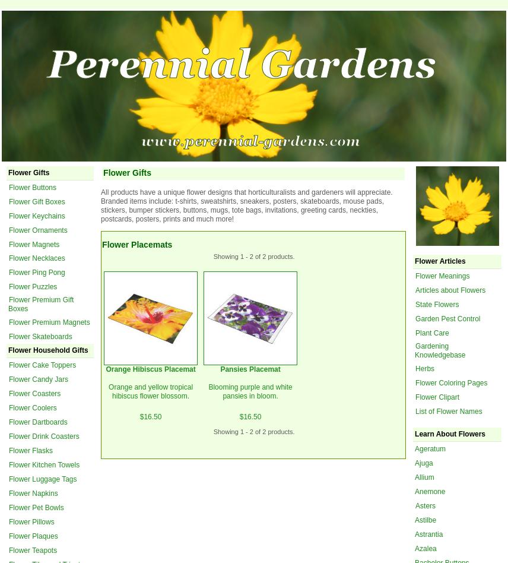 This screenshot has width=508, height=563. Describe the element at coordinates (432, 332) in the screenshot. I see `'Plant 
                          Care'` at that location.